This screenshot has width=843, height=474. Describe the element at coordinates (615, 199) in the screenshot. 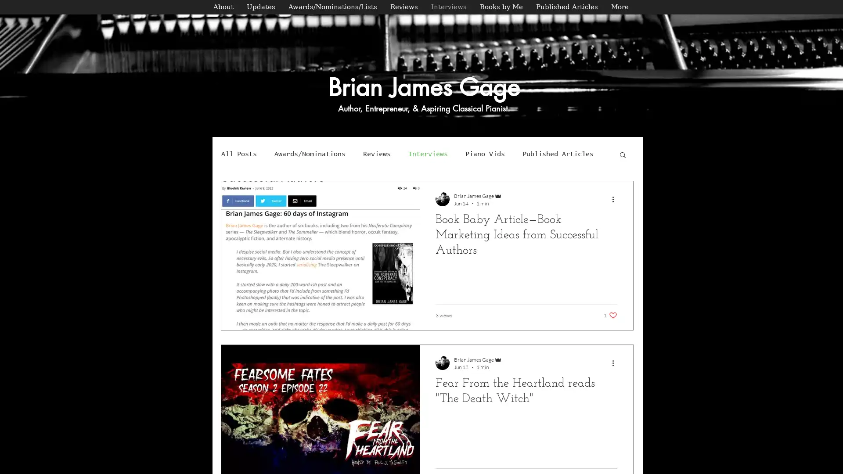

I see `More actions` at that location.